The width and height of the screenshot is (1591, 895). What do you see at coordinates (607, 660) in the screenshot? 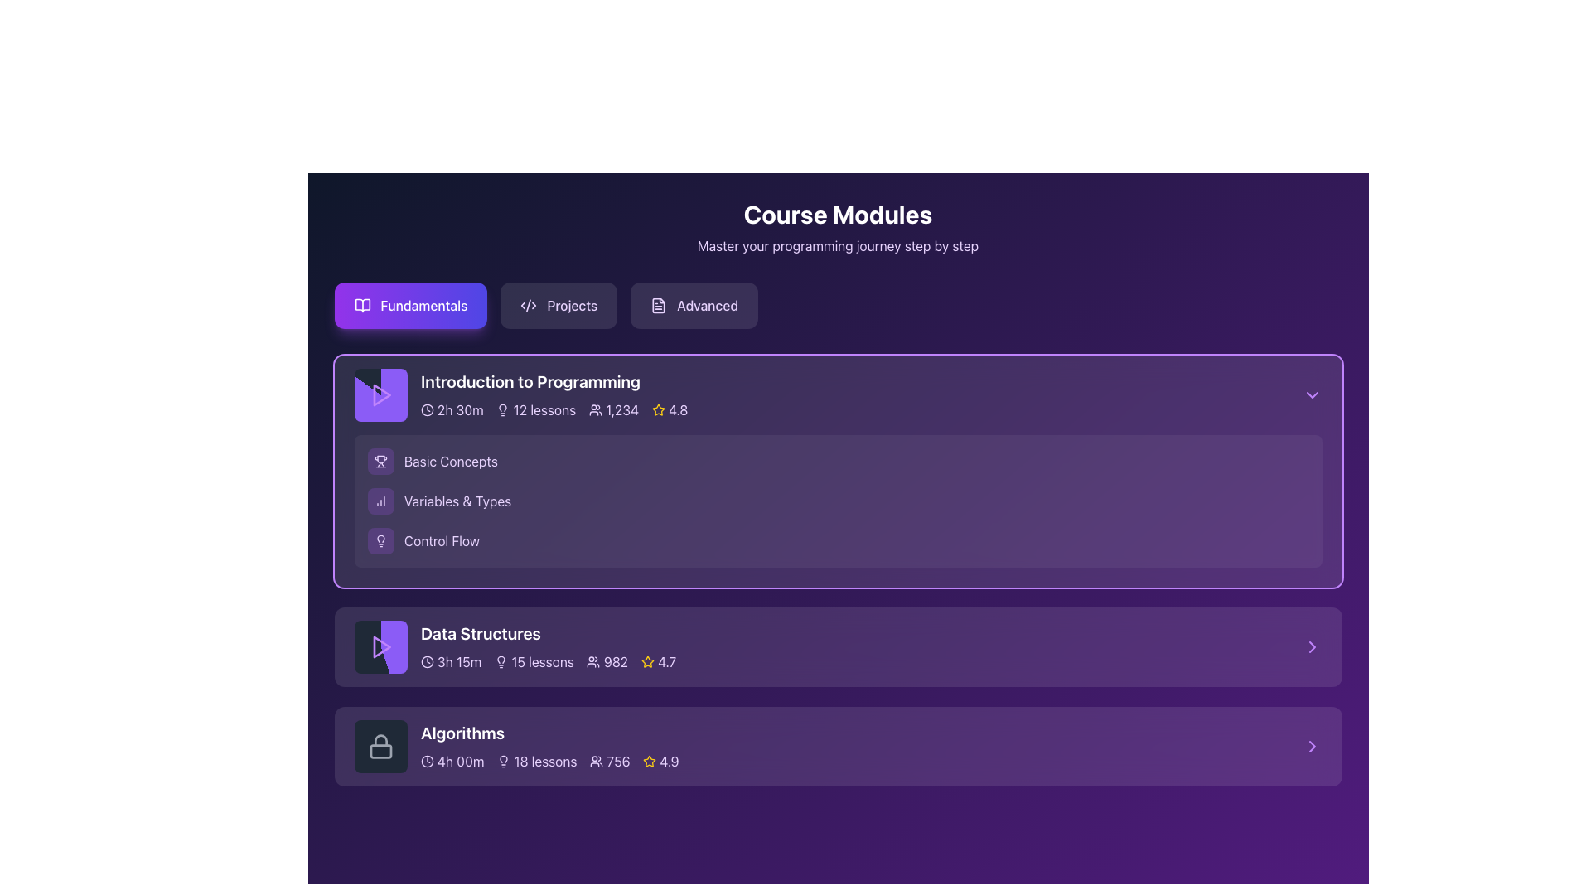
I see `number of participants or enrollments for the 'Data Structures' course section, which is represented by the Text with icon located to the right within the second section titled 'Data Structures.'` at bounding box center [607, 660].